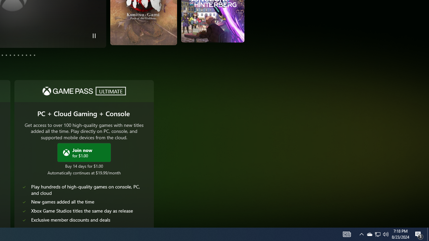 The width and height of the screenshot is (429, 241). I want to click on 'Join Xbox Game Pass Ultimate now for $1.00', so click(84, 152).